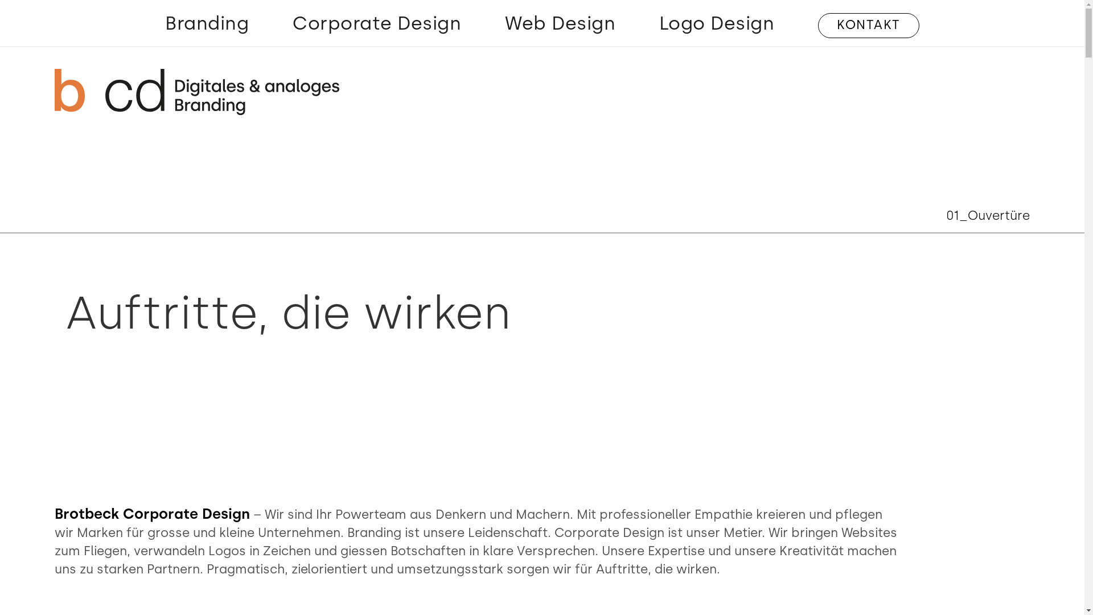 Image resolution: width=1093 pixels, height=615 pixels. What do you see at coordinates (207, 26) in the screenshot?
I see `'Branding'` at bounding box center [207, 26].